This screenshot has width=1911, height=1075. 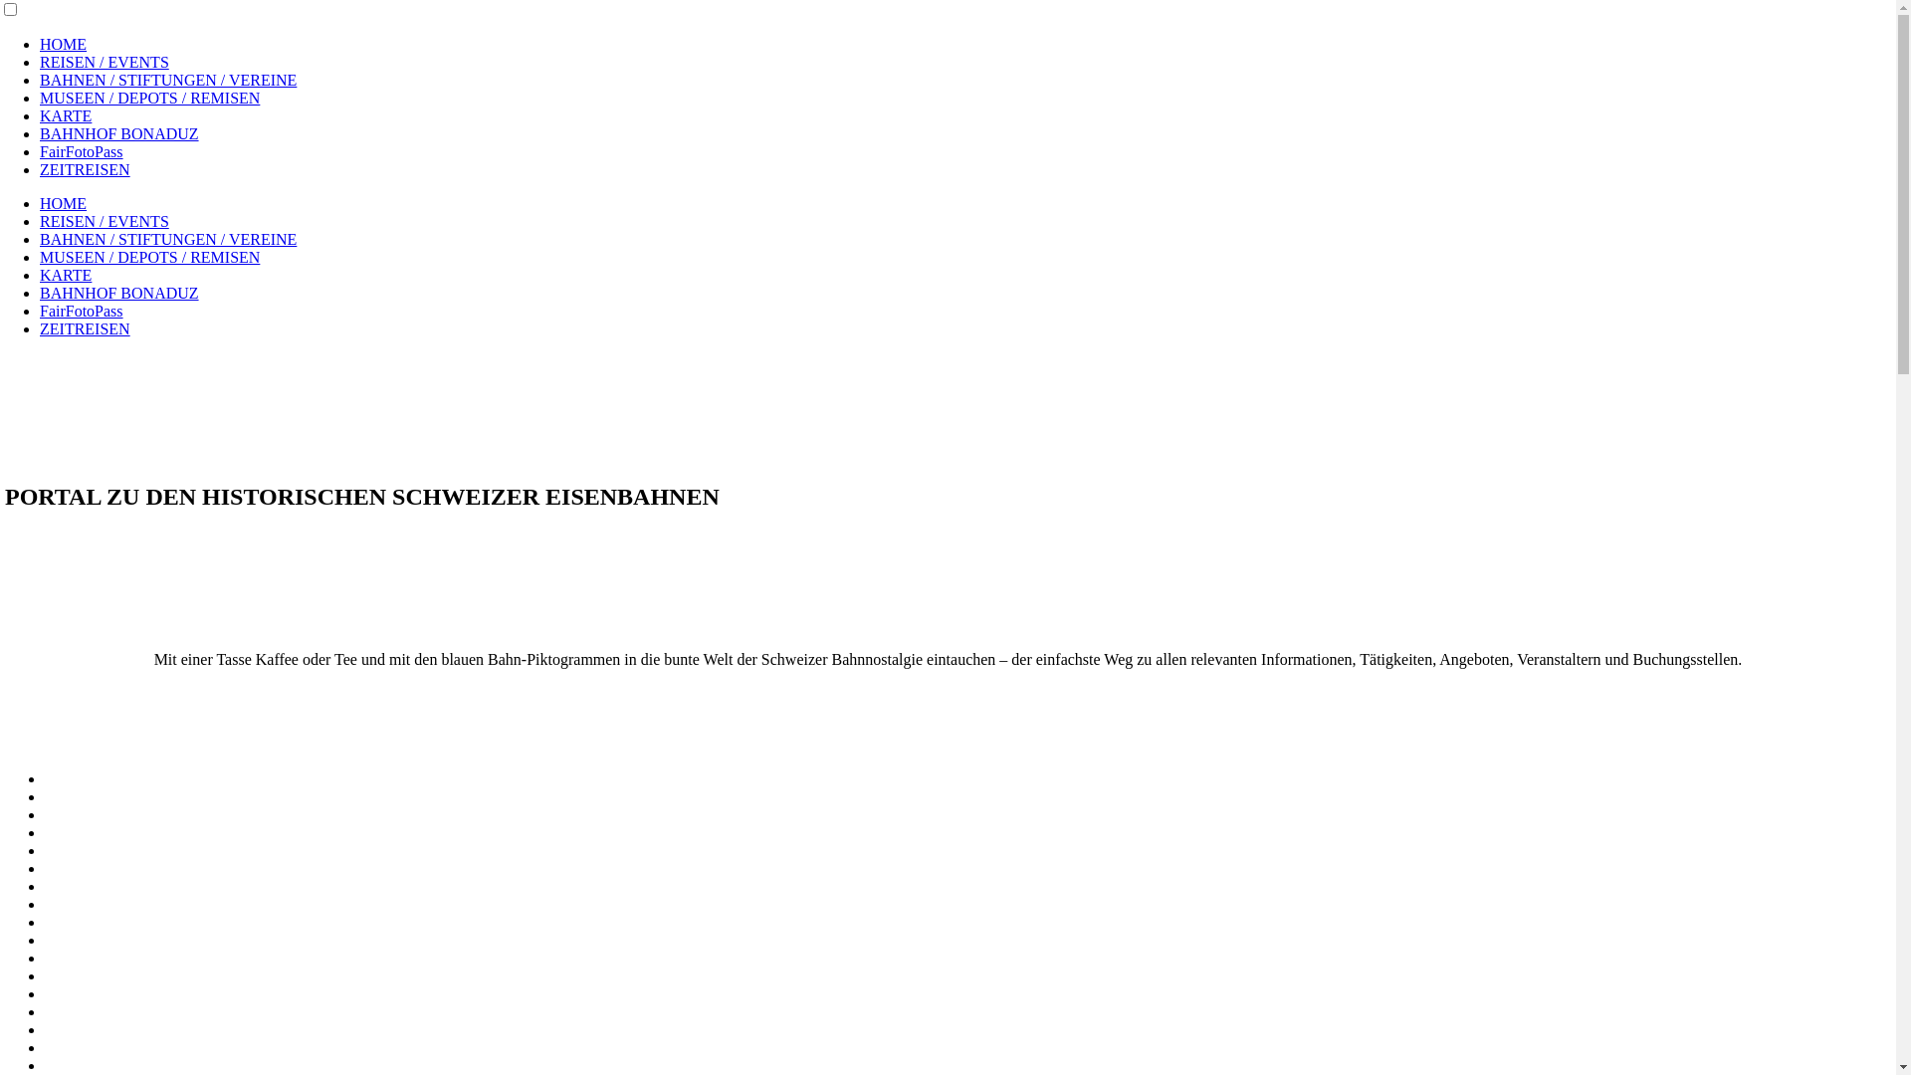 What do you see at coordinates (104, 61) in the screenshot?
I see `'REISEN / EVENTS'` at bounding box center [104, 61].